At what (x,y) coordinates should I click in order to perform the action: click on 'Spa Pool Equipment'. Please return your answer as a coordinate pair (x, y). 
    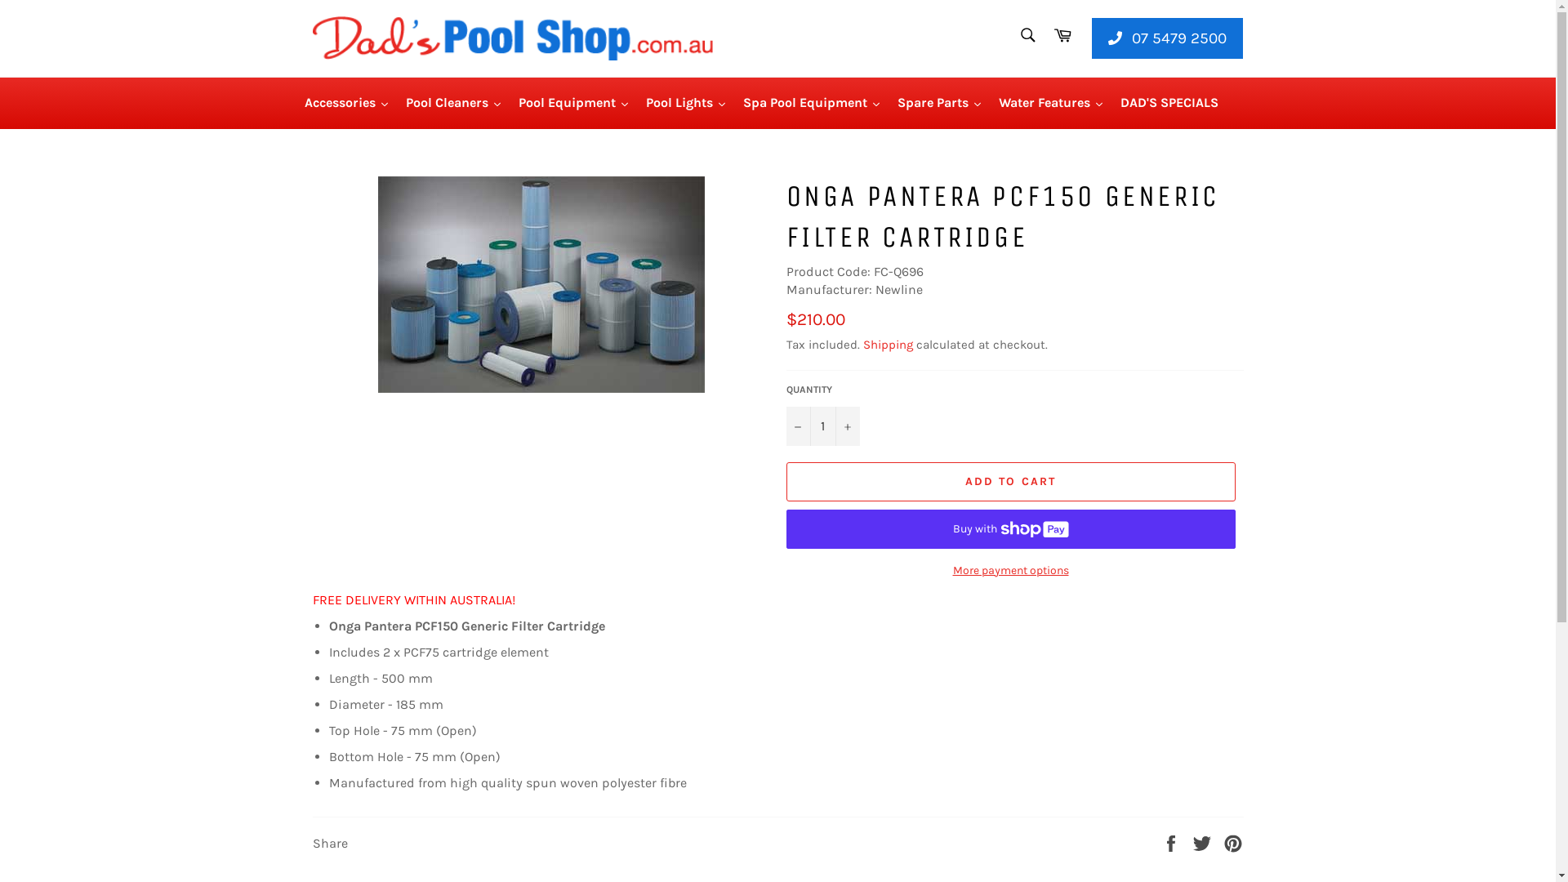
    Looking at the image, I should click on (812, 103).